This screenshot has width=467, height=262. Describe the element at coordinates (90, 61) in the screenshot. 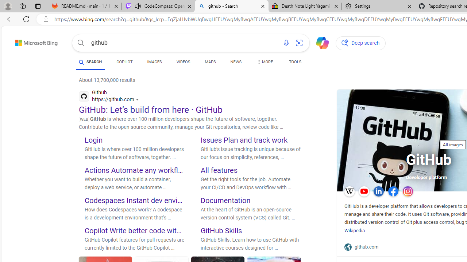

I see `'SEARCH'` at that location.